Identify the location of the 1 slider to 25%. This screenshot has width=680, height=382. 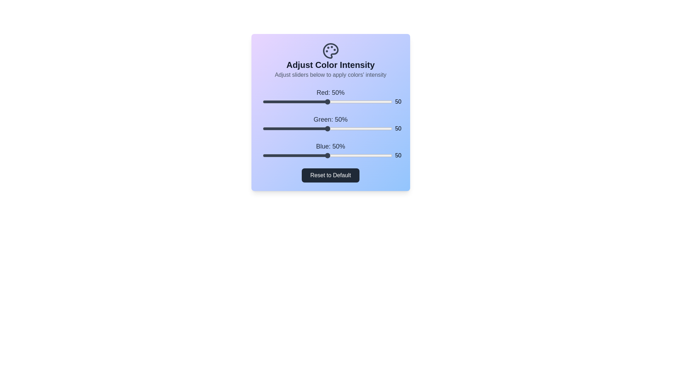
(295, 128).